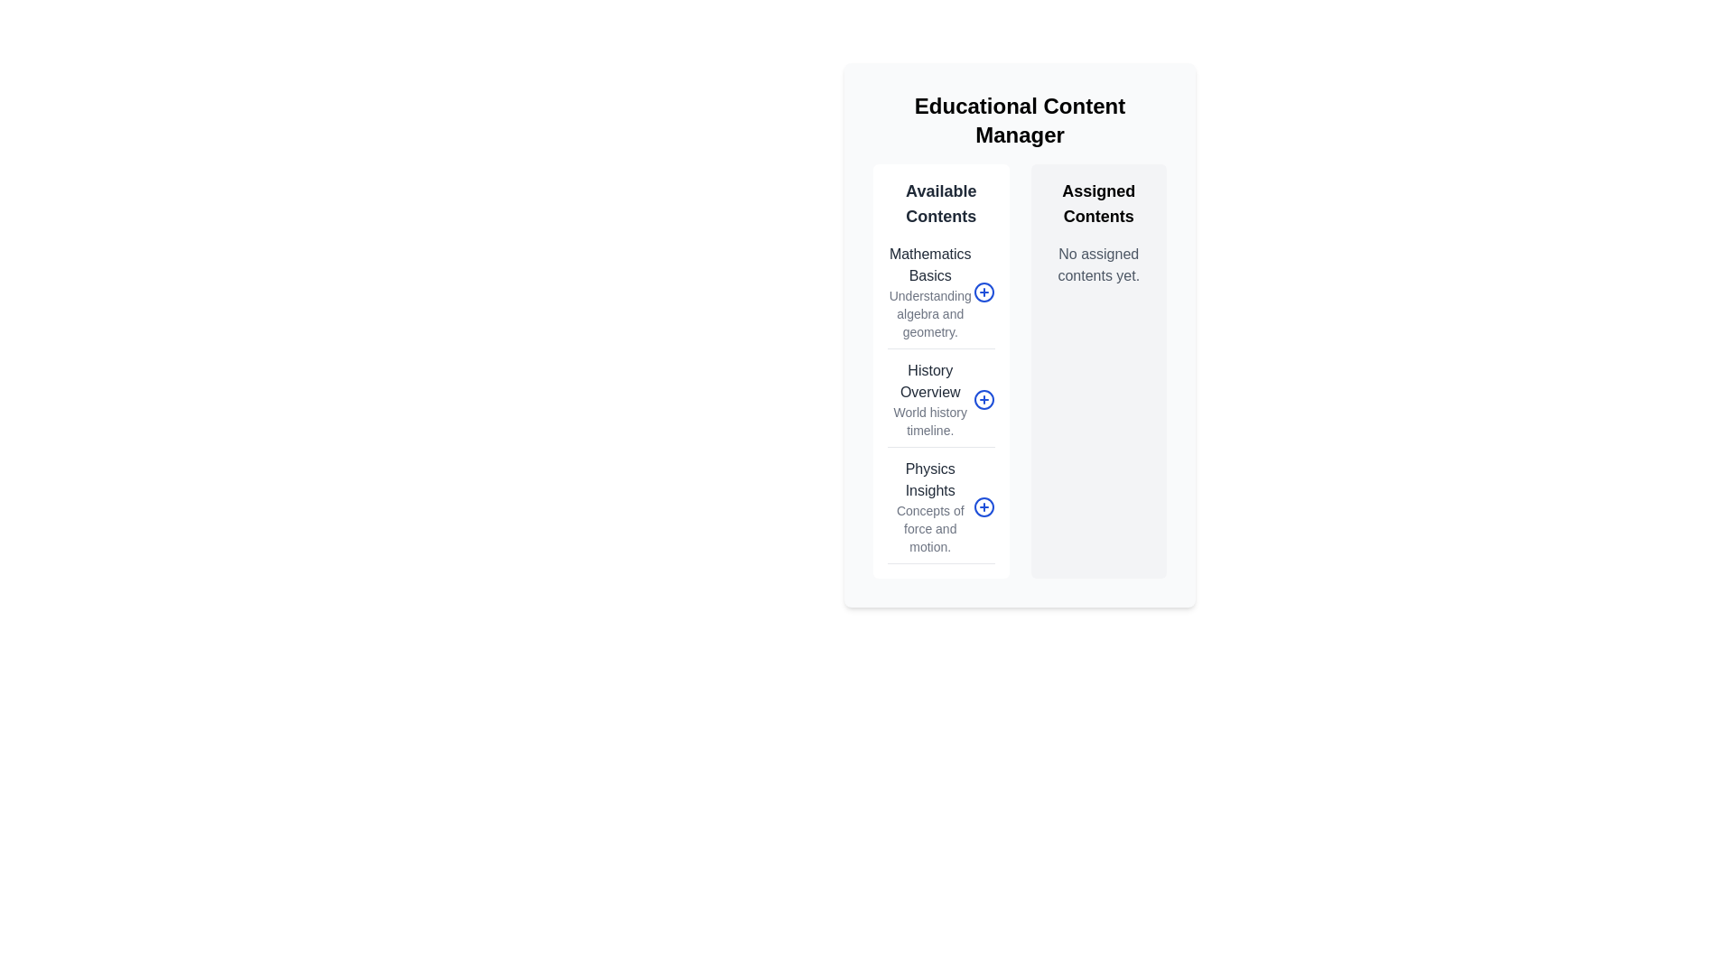 The width and height of the screenshot is (1734, 975). What do you see at coordinates (930, 399) in the screenshot?
I see `text from the 'History Overview' entry in the 'Available Contents' section, which is the second item in the vertical list` at bounding box center [930, 399].